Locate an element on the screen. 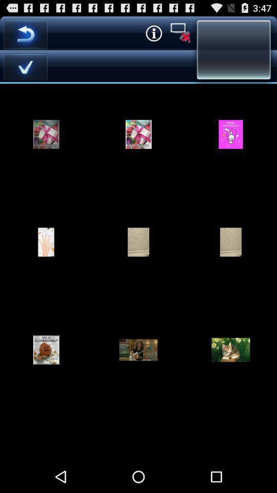  the info icon is located at coordinates (153, 35).